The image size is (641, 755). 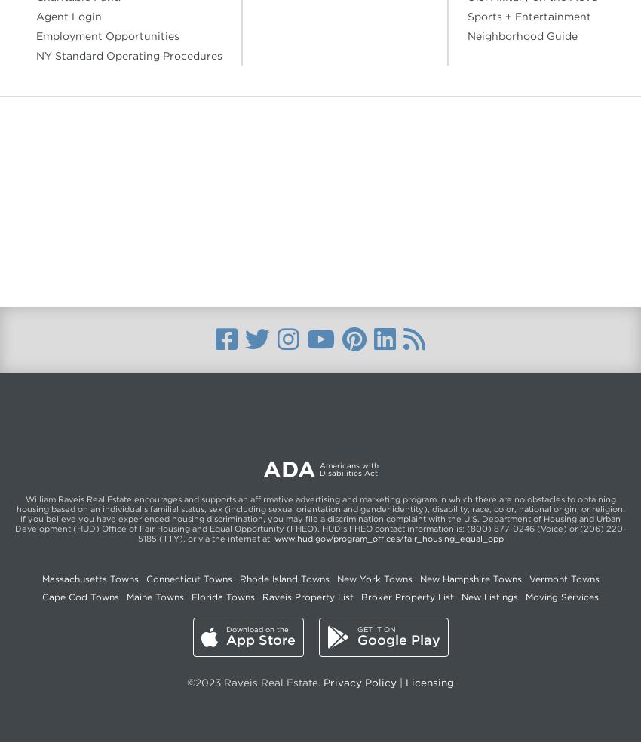 I want to click on 'Sports + Entertainment', so click(x=529, y=17).